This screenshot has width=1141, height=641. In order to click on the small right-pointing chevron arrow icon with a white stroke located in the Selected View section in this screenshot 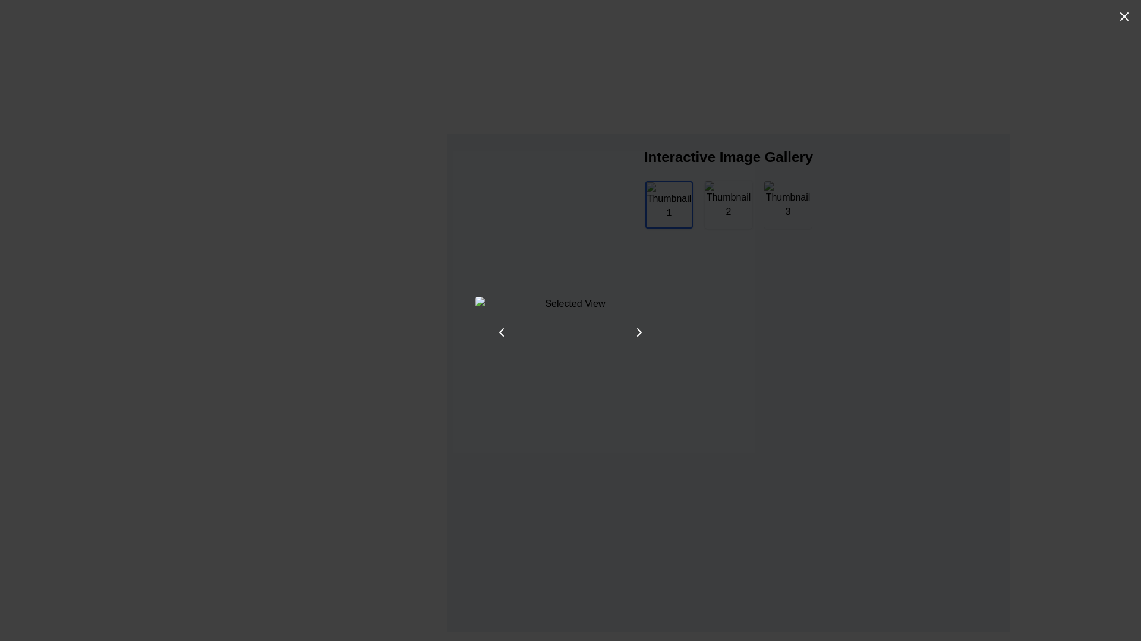, I will do `click(638, 332)`.